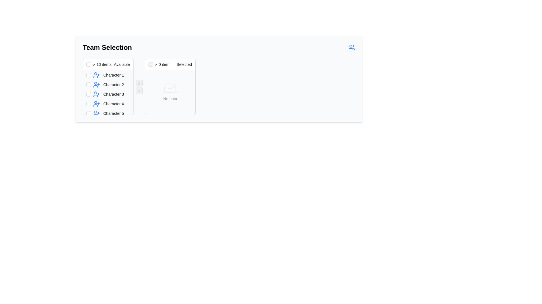  What do you see at coordinates (113, 113) in the screenshot?
I see `the 'Character 5' text label in the 'Team Selection' panel, which is styled in black font and is positioned below 'Character 4'` at bounding box center [113, 113].